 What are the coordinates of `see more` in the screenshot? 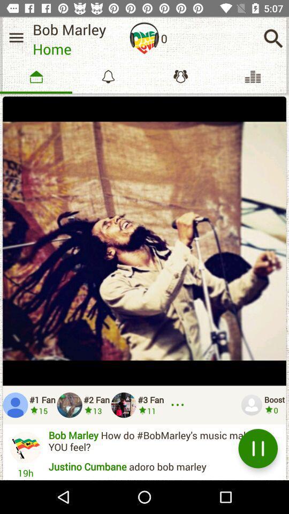 It's located at (179, 404).